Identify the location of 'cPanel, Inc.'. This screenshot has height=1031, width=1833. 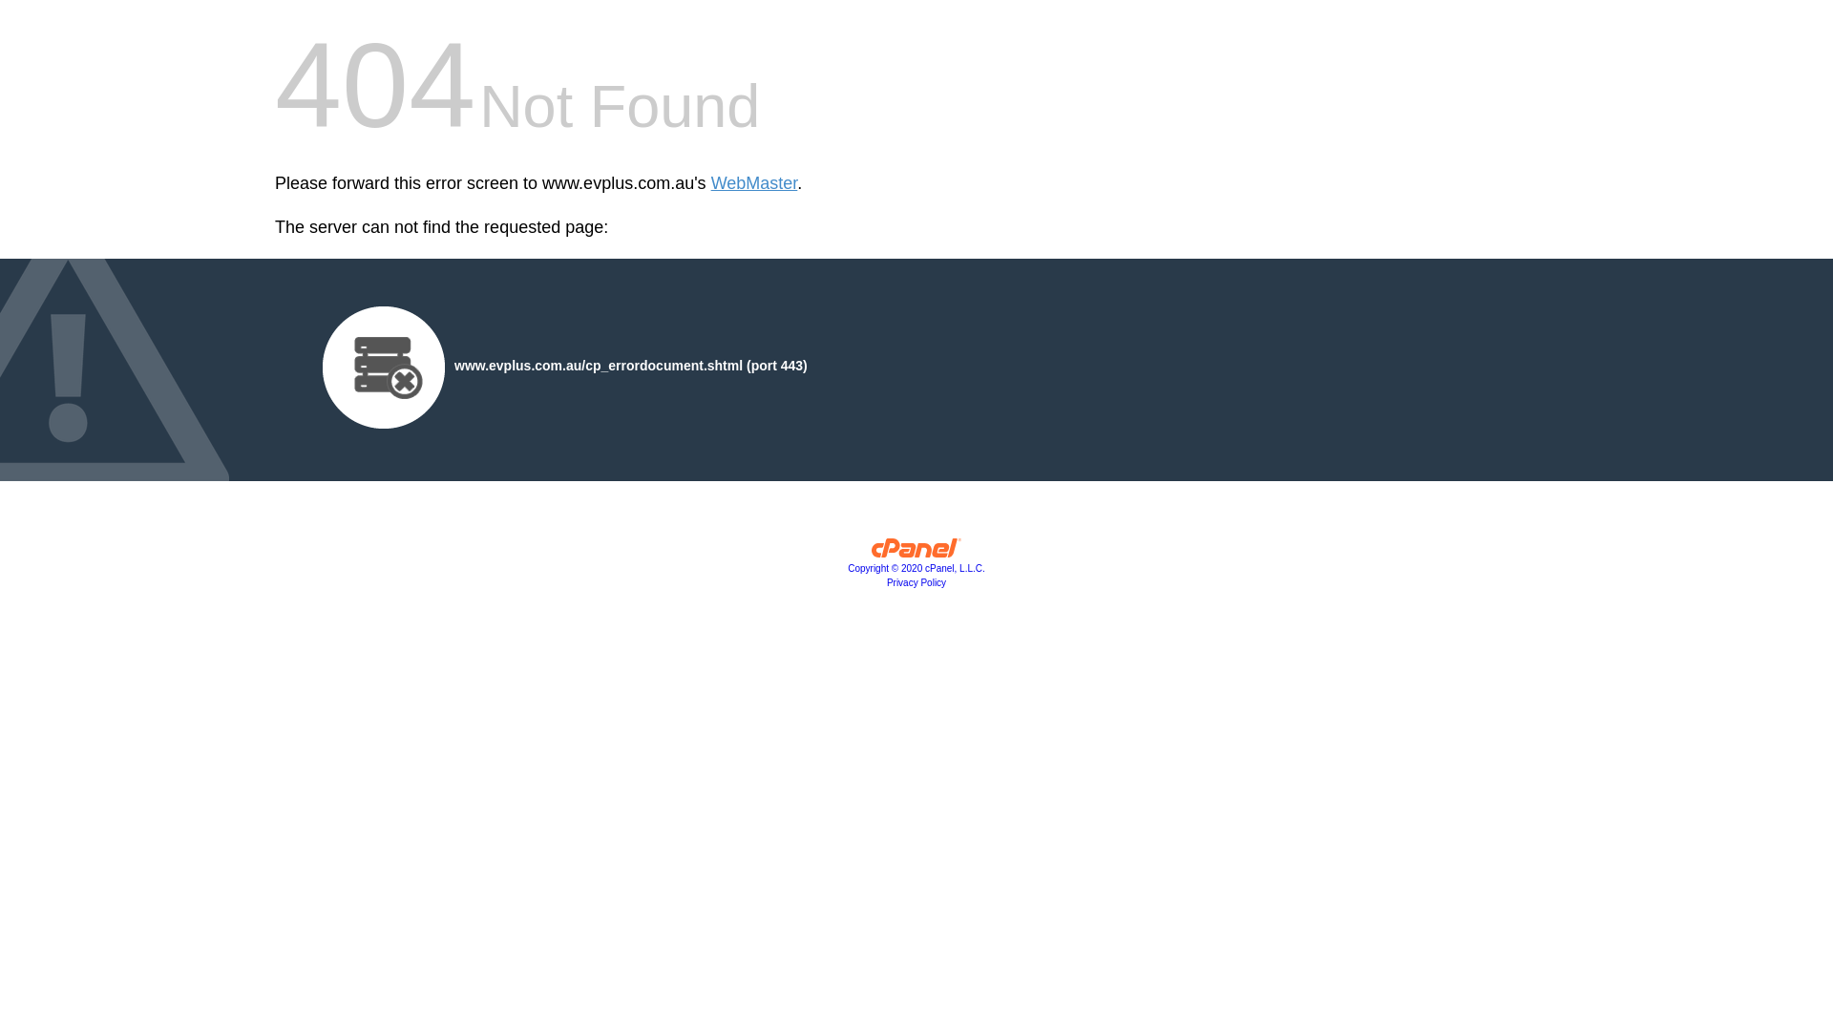
(916, 552).